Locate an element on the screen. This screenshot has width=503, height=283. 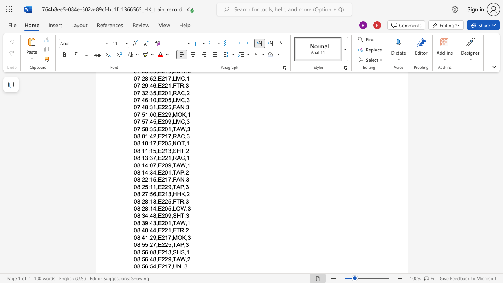
the subset text ",2" within the text "08:40:44,E221,FTR,2" is located at coordinates (184, 230).